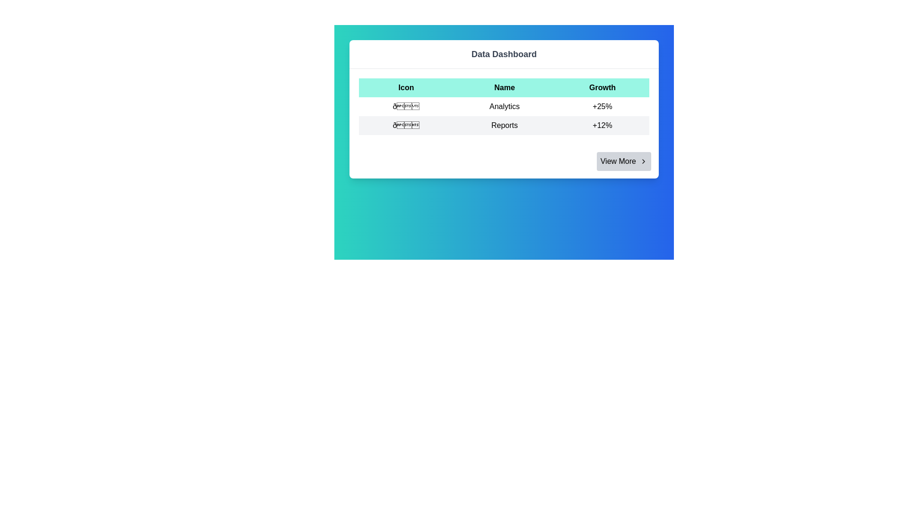  What do you see at coordinates (504, 106) in the screenshot?
I see `the 'Analytics' text label in the second row under the 'Name' column of the Data Dashboard` at bounding box center [504, 106].